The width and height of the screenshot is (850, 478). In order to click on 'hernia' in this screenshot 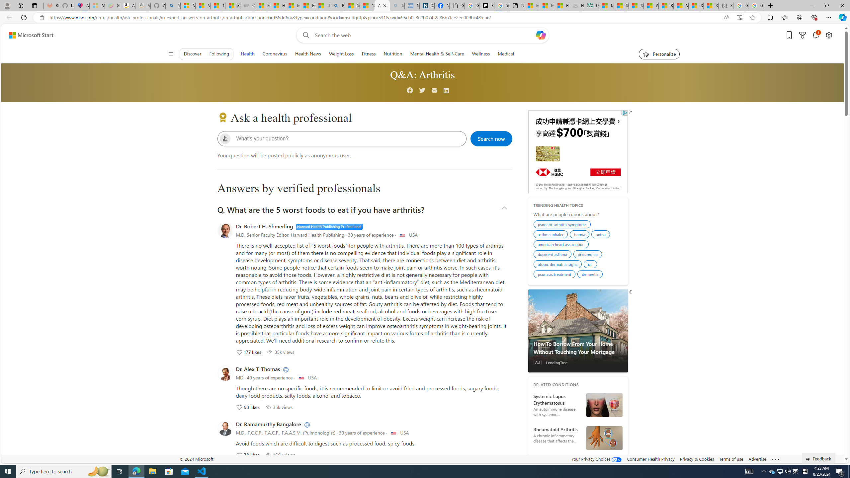, I will do `click(580, 235)`.